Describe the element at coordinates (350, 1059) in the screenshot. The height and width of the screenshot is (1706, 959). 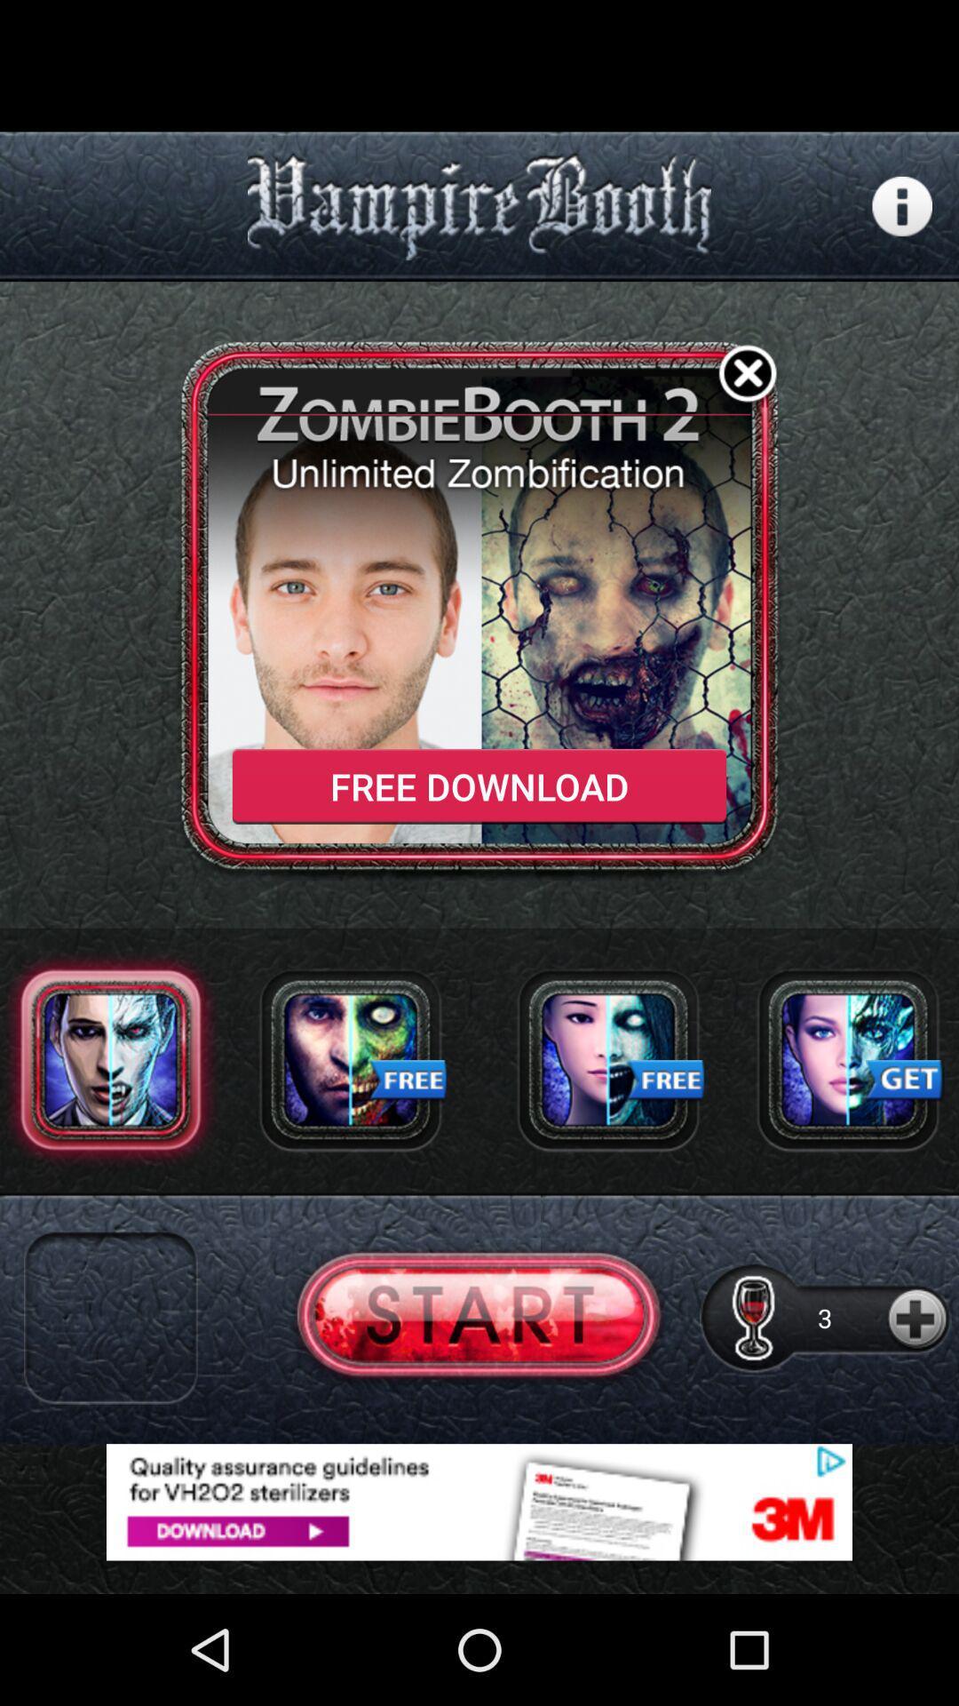
I see `download effect` at that location.